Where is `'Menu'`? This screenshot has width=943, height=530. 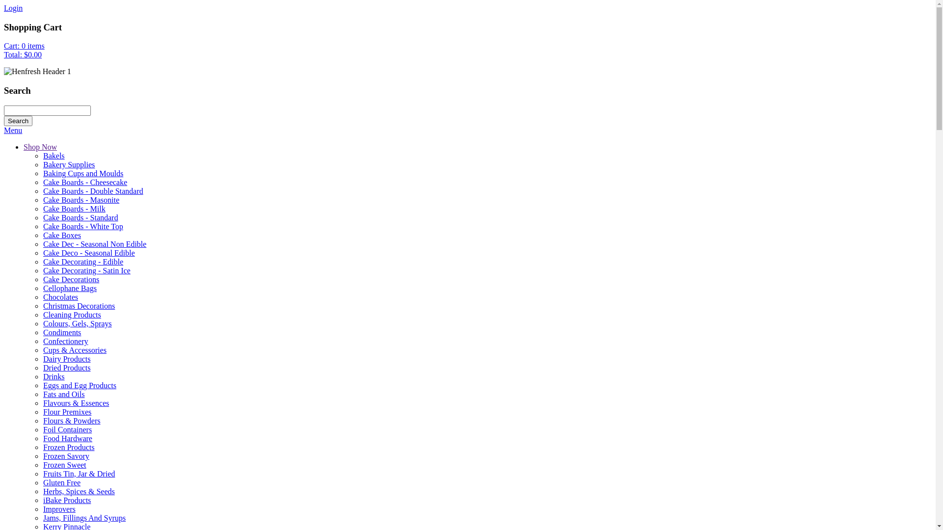
'Menu' is located at coordinates (13, 130).